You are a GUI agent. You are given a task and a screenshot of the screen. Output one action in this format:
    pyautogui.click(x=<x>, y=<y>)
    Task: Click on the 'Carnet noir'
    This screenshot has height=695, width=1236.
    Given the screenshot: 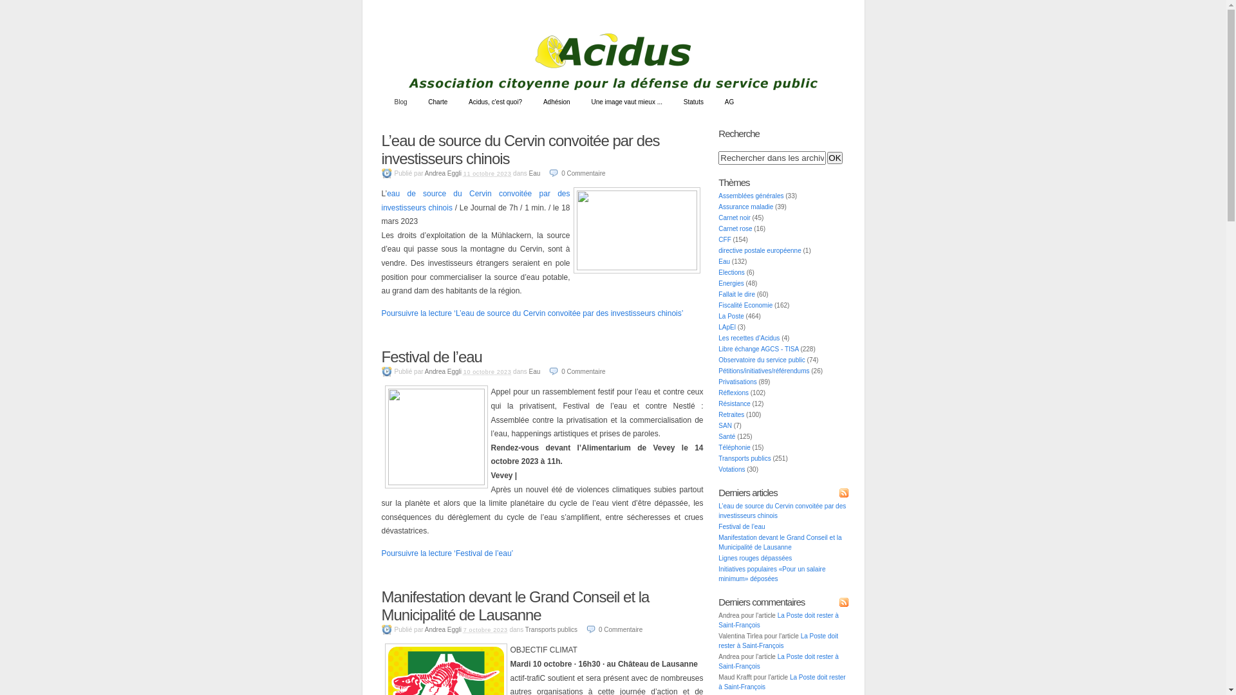 What is the action you would take?
    pyautogui.click(x=734, y=217)
    